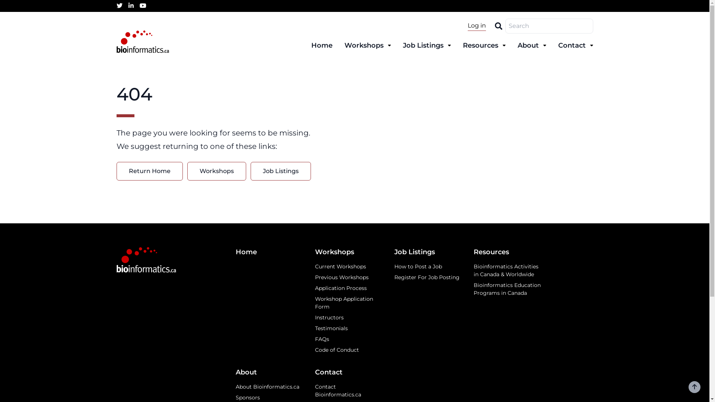 The width and height of the screenshot is (715, 402). What do you see at coordinates (269, 397) in the screenshot?
I see `'Sponsors'` at bounding box center [269, 397].